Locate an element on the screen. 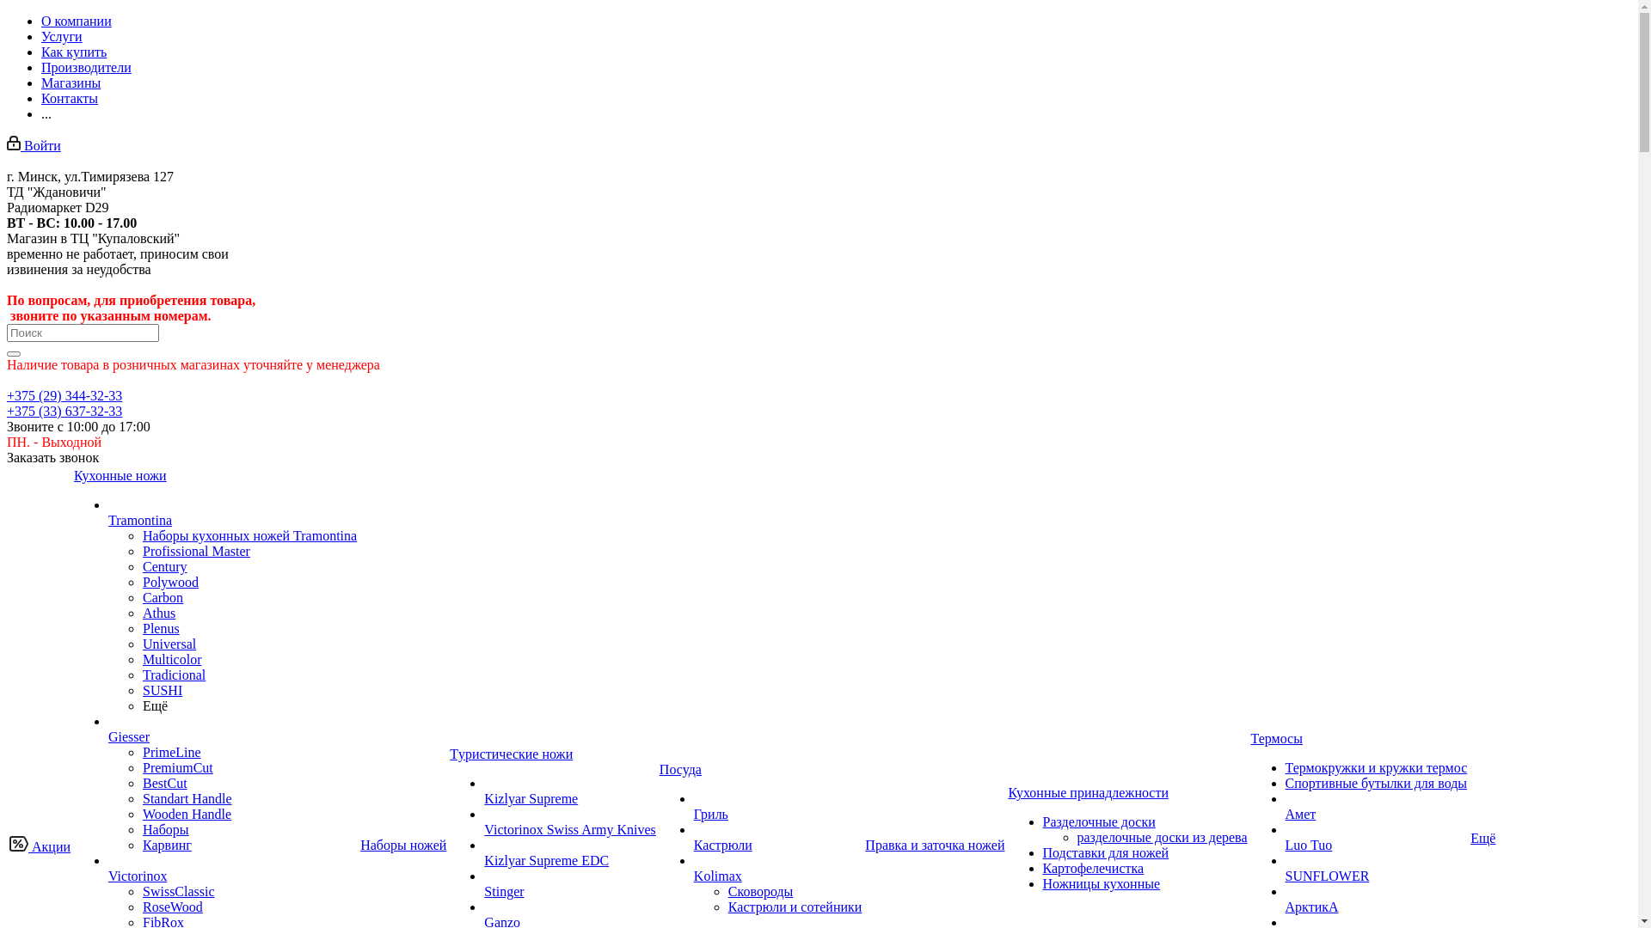 The height and width of the screenshot is (928, 1651). 'Century' is located at coordinates (165, 566).